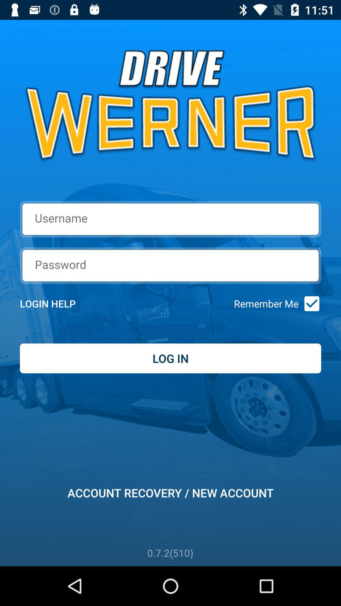 This screenshot has width=341, height=606. I want to click on the item above the log in, so click(56, 304).